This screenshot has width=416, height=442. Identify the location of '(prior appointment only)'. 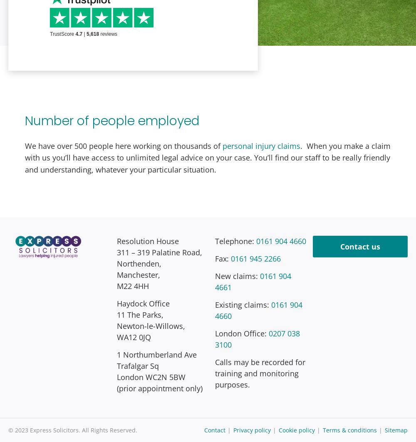
(159, 387).